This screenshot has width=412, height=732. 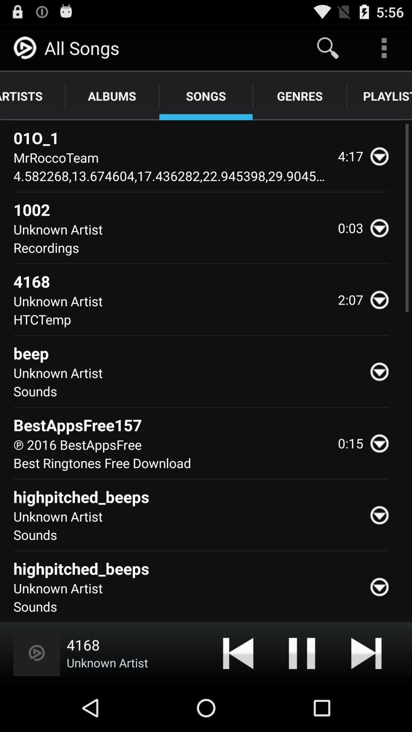 I want to click on the visibility icon, so click(x=383, y=321).